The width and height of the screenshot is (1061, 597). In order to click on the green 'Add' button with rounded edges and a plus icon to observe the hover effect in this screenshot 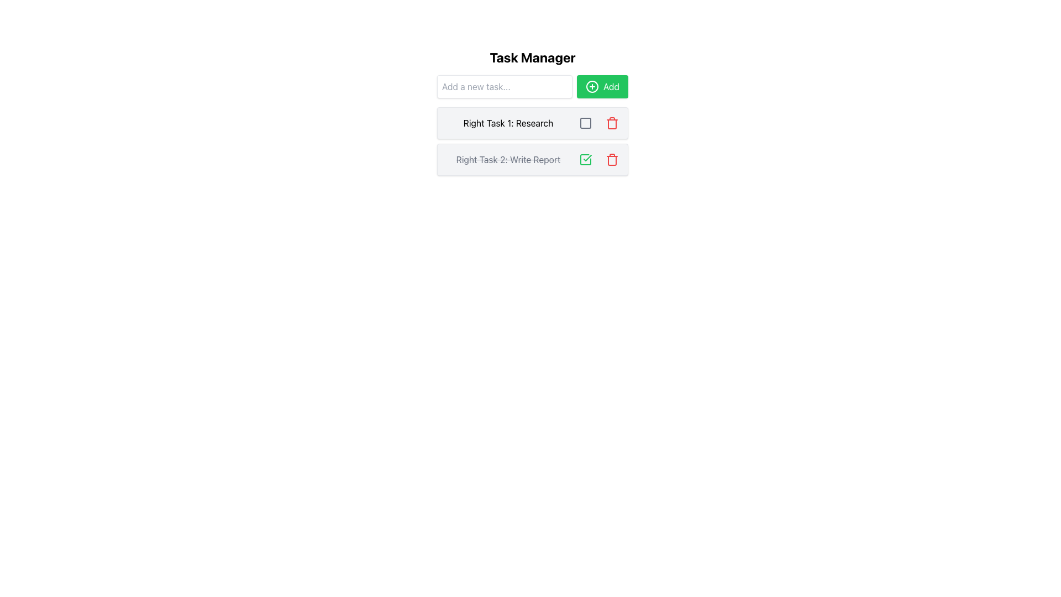, I will do `click(602, 86)`.